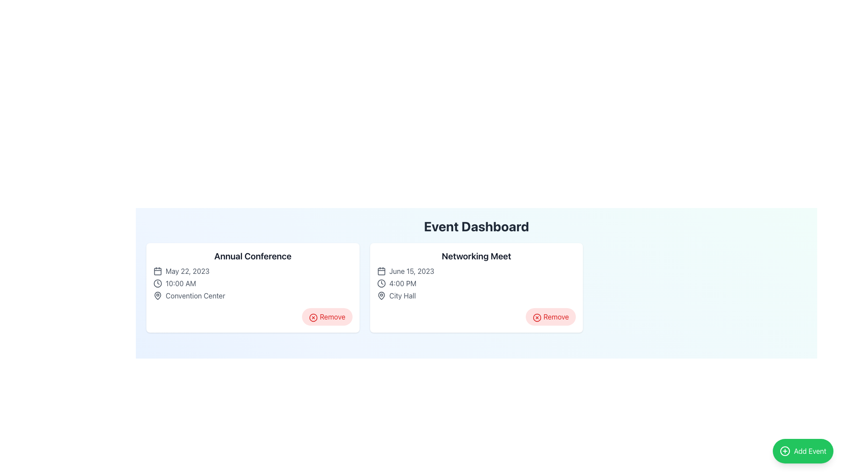 This screenshot has width=844, height=474. What do you see at coordinates (158, 270) in the screenshot?
I see `the calendar icon located to the left of the text 'May 22, 2023' in the 'Annual Conference' card within the 'Event Dashboard' section` at bounding box center [158, 270].